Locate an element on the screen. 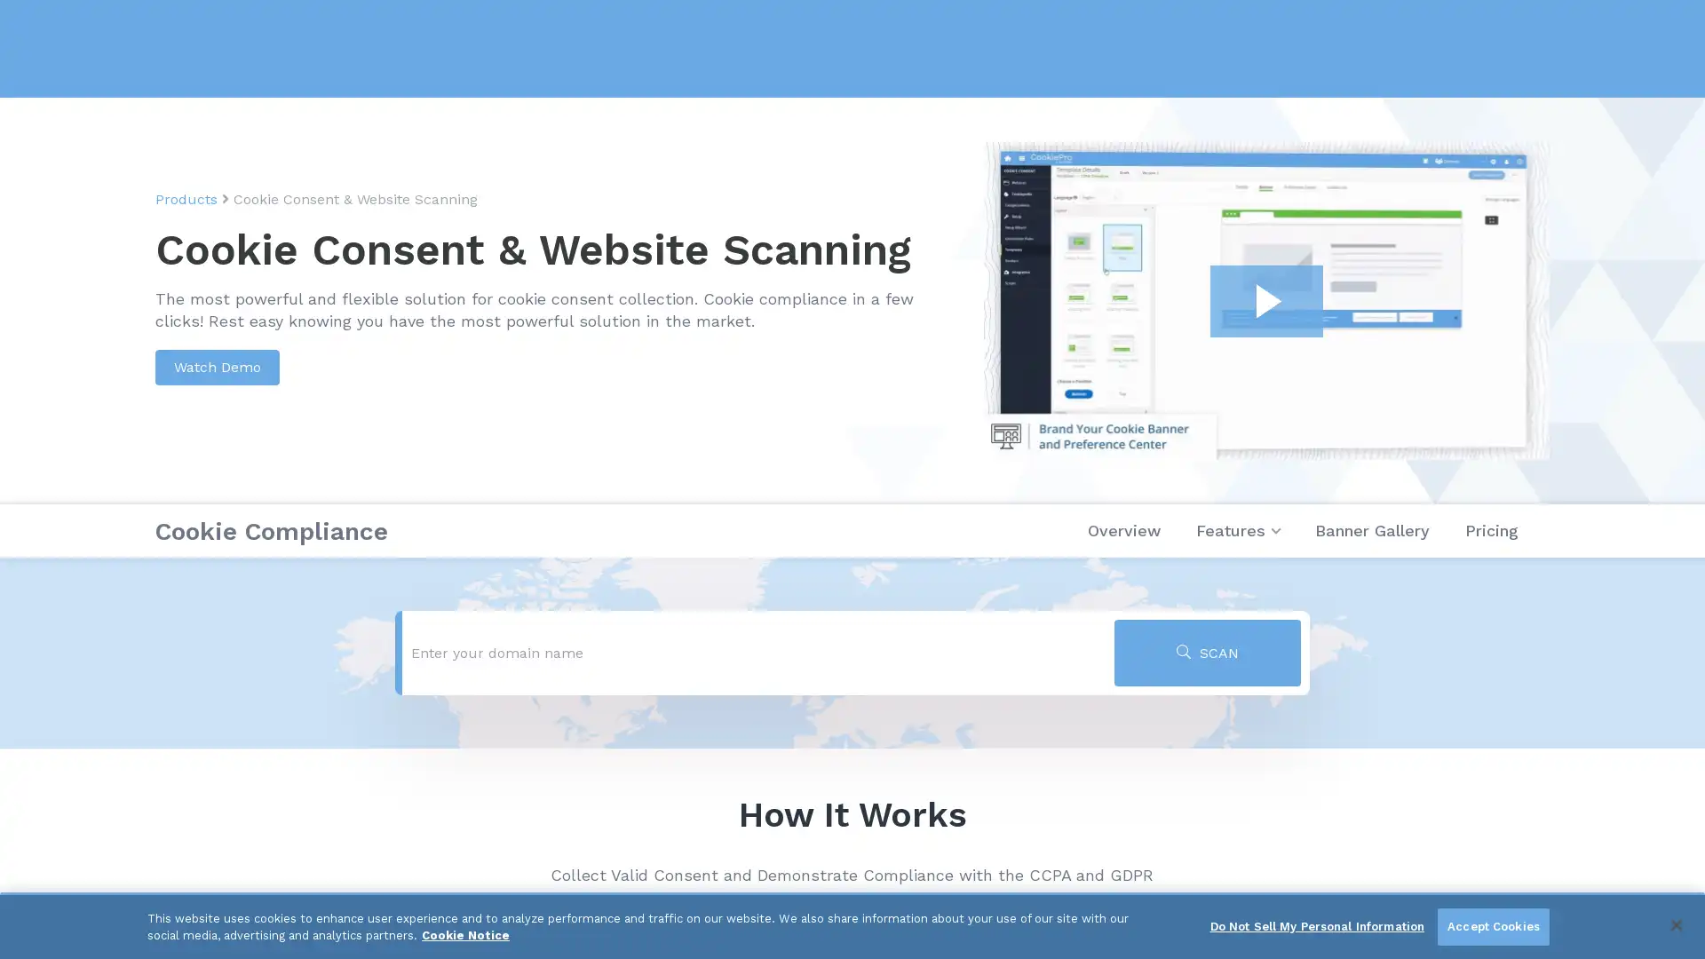 This screenshot has width=1705, height=959. Do Not Sell My Personal Information is located at coordinates (1317, 926).